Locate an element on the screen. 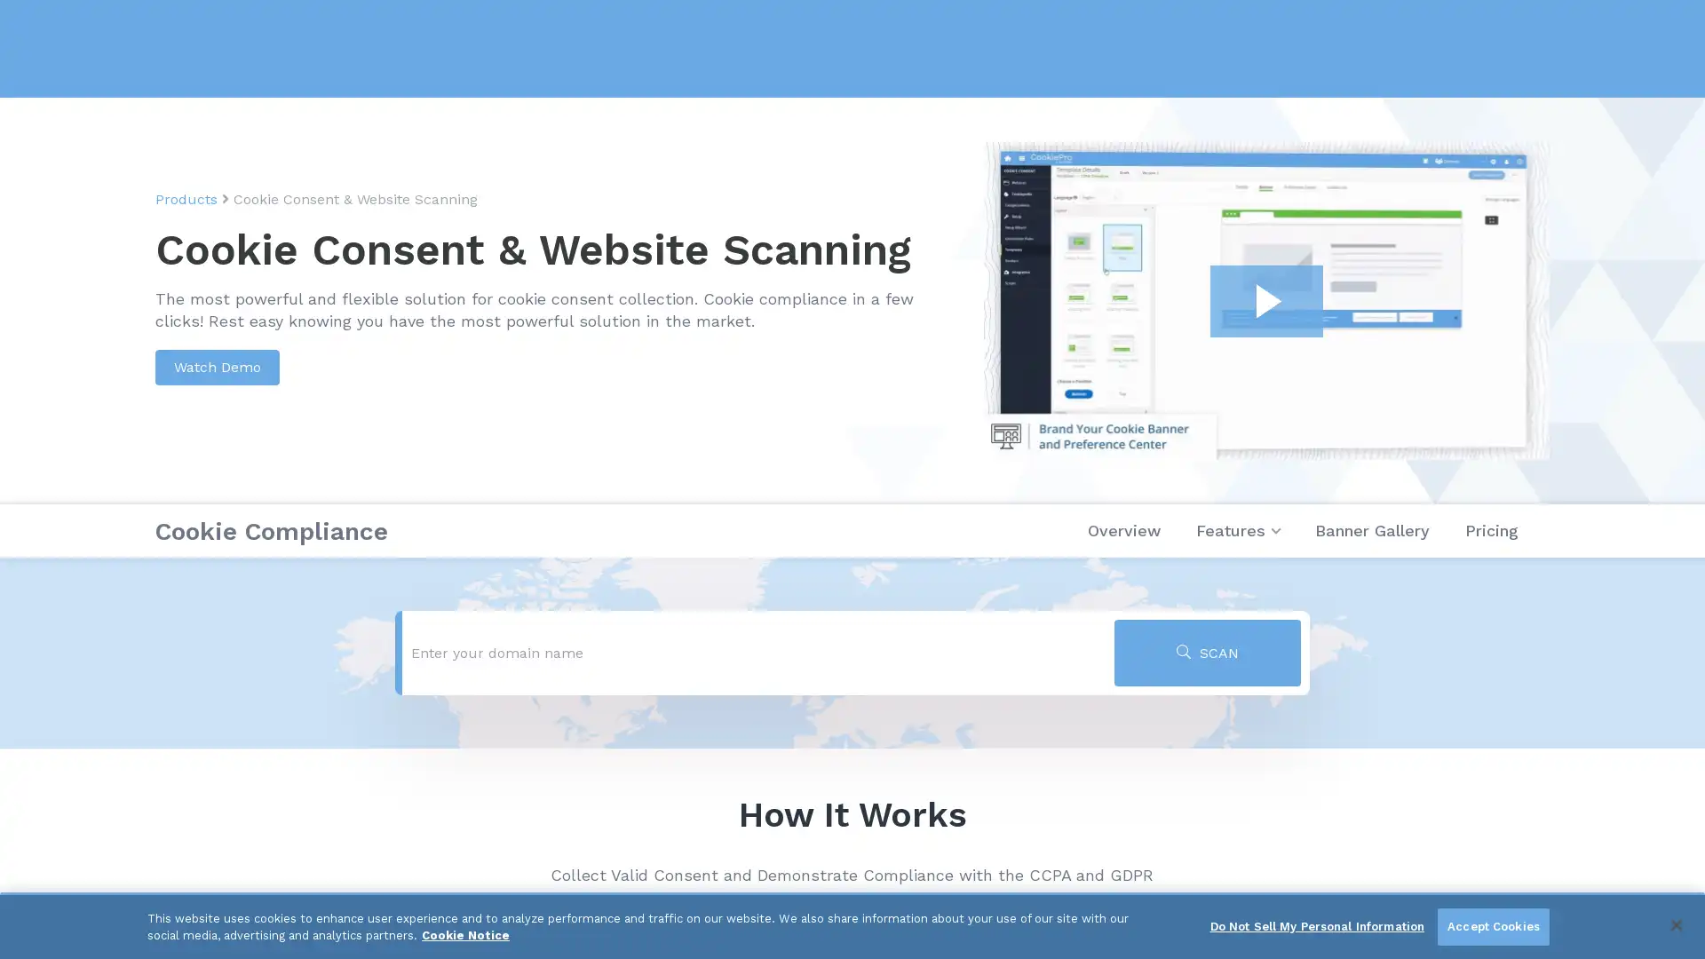 This screenshot has width=1705, height=959. Do Not Sell My Personal Information is located at coordinates (1317, 926).